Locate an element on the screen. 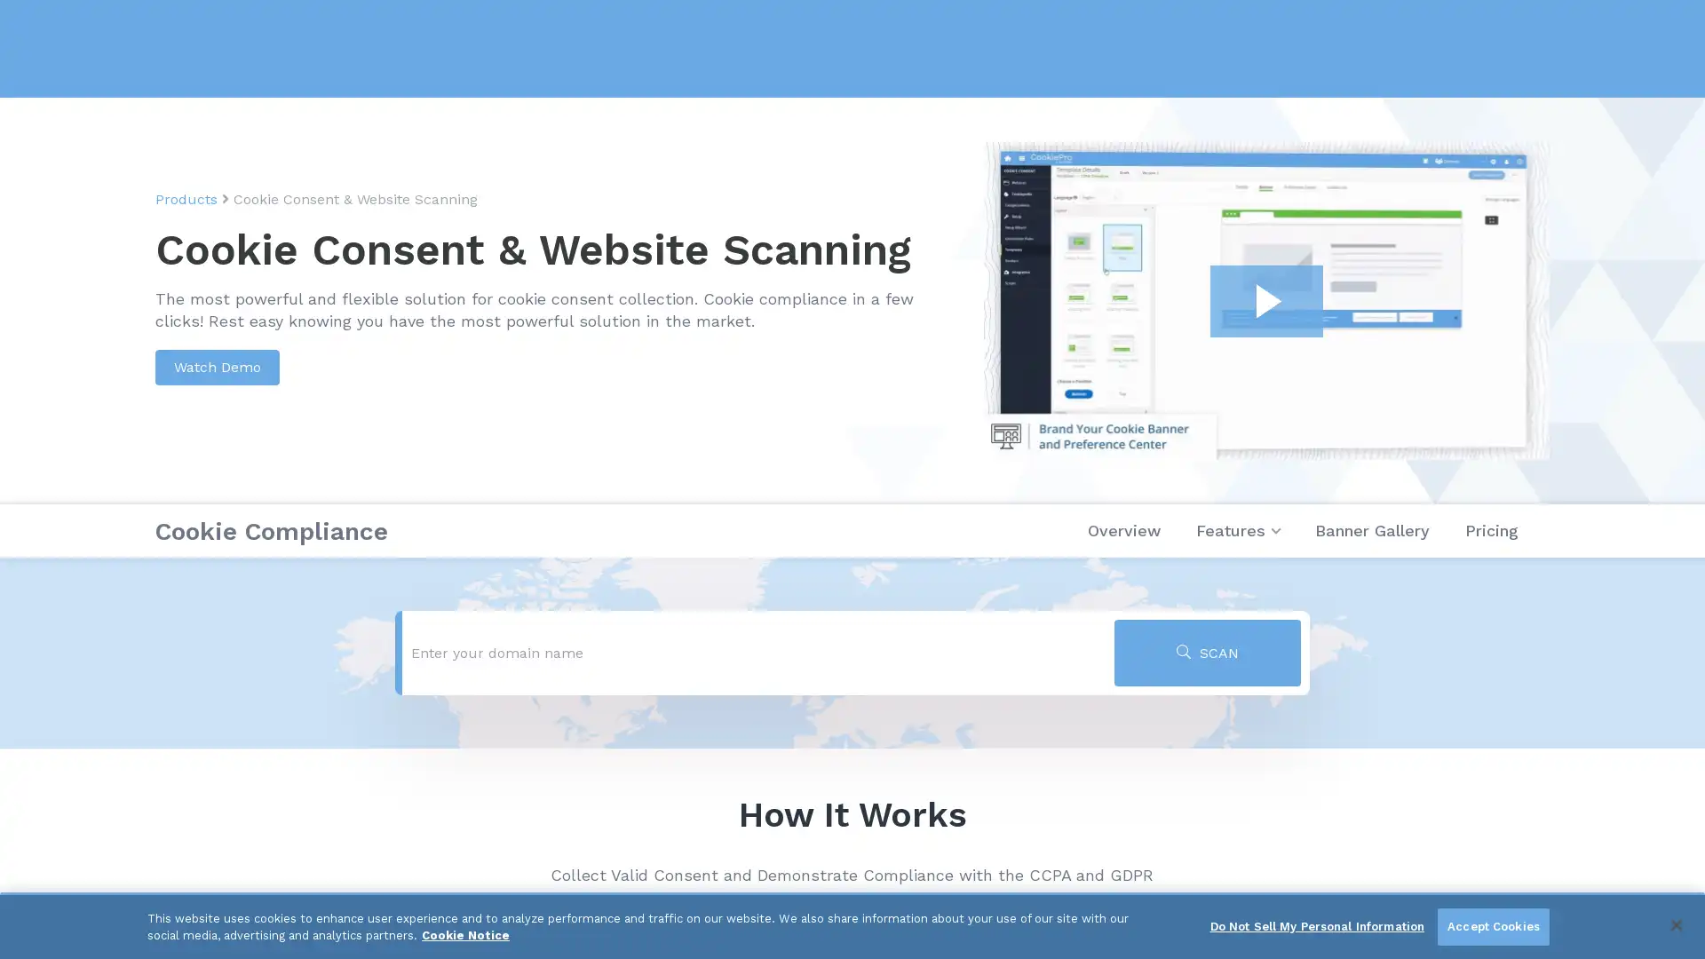 This screenshot has width=1705, height=959. Do Not Sell My Personal Information is located at coordinates (1317, 926).